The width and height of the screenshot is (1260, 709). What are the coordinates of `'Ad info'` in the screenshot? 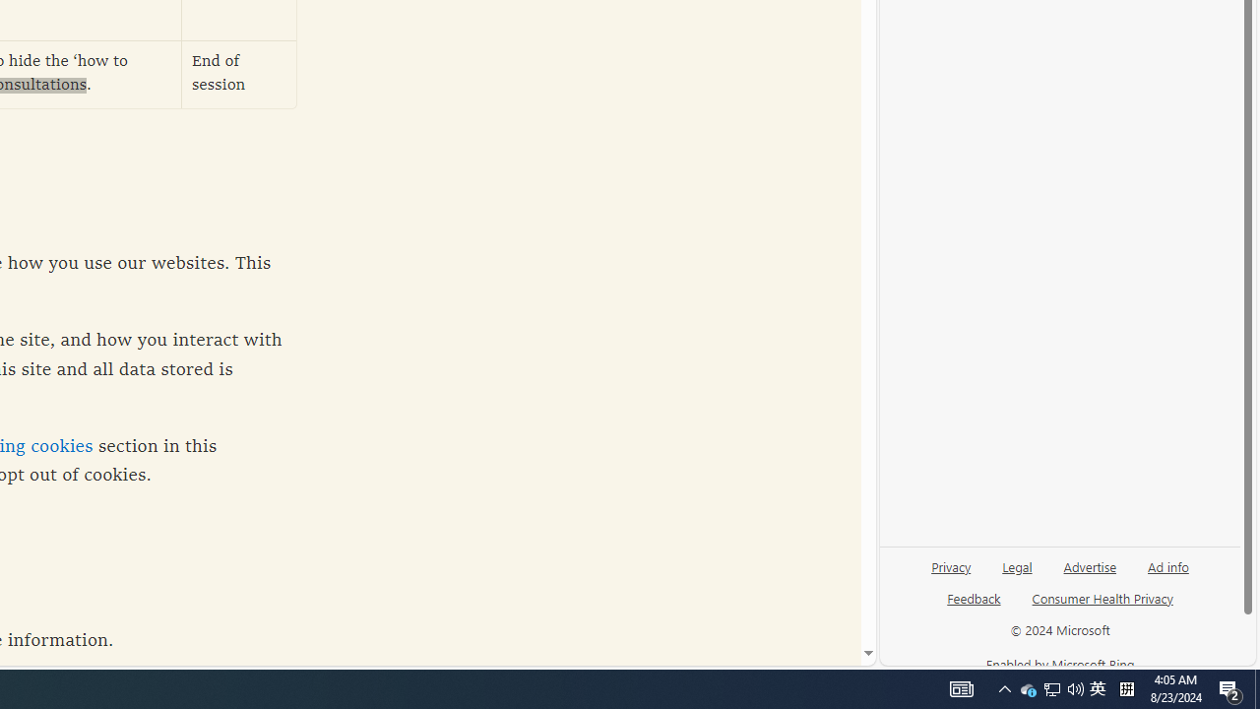 It's located at (1167, 574).